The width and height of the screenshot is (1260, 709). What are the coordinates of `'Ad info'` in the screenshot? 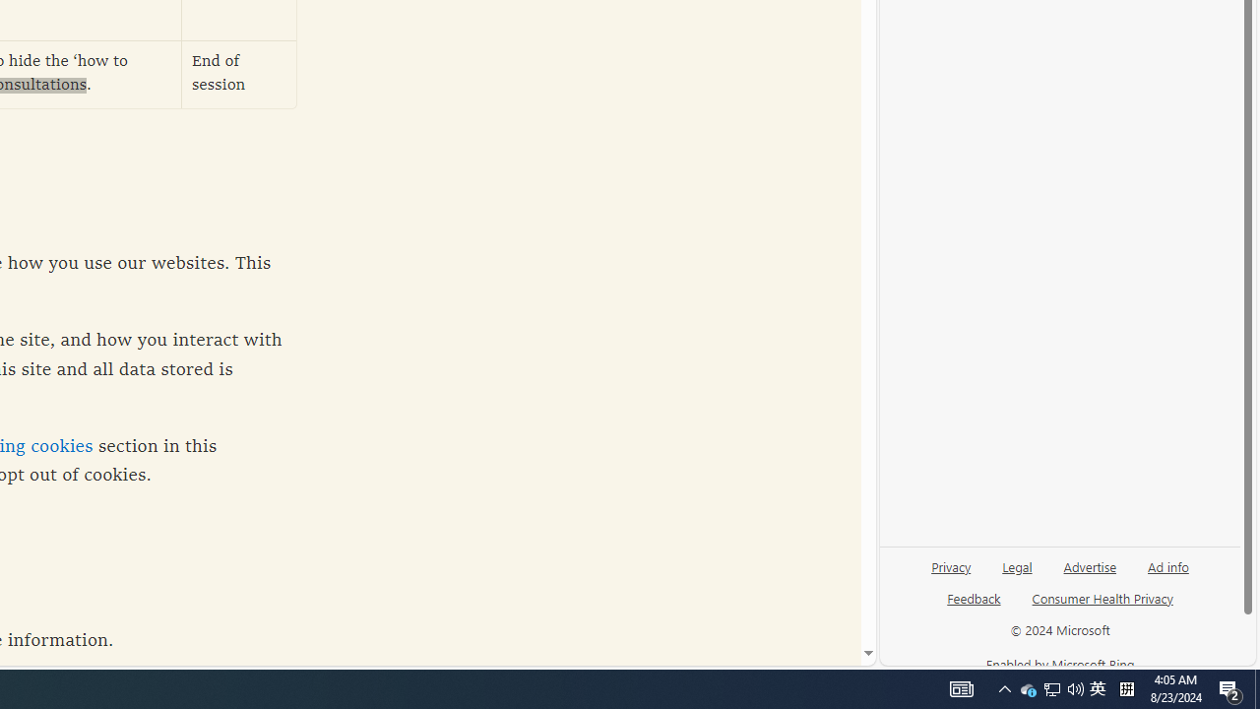 It's located at (1167, 574).